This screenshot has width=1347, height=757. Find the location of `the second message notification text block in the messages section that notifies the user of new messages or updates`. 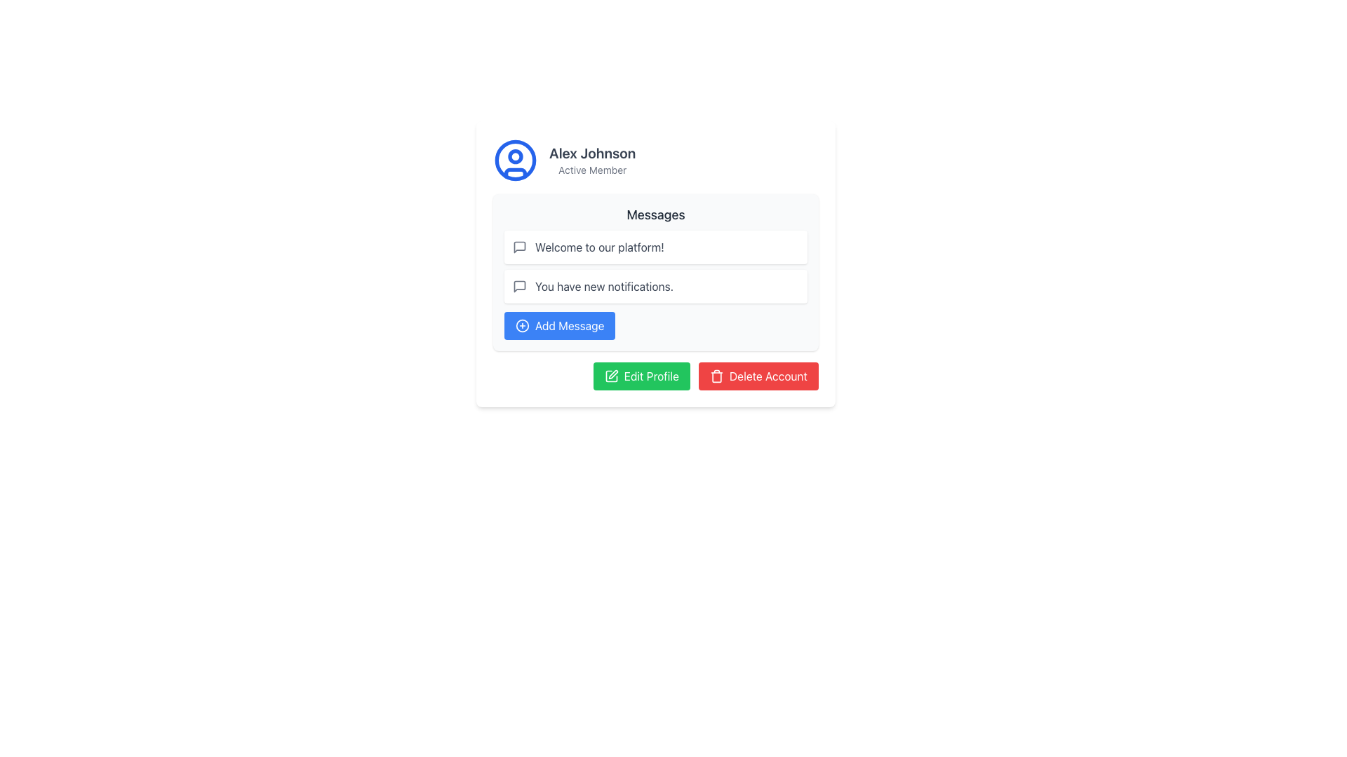

the second message notification text block in the messages section that notifies the user of new messages or updates is located at coordinates (604, 285).